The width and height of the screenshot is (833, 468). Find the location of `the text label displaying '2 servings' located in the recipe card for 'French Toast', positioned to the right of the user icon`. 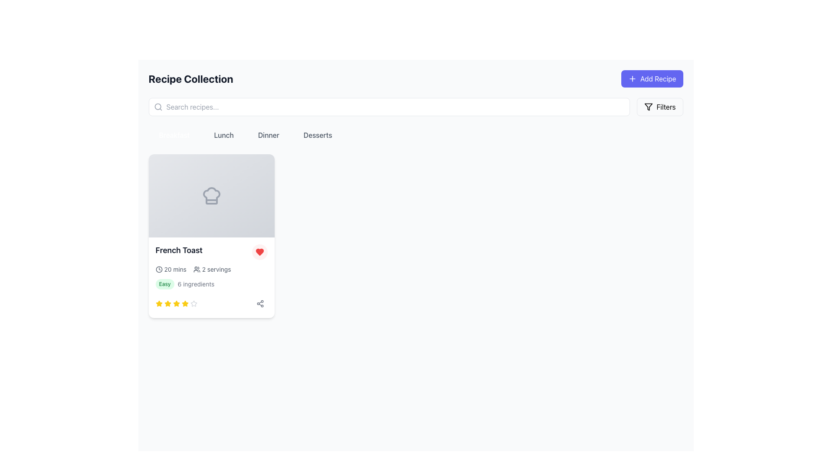

the text label displaying '2 servings' located in the recipe card for 'French Toast', positioned to the right of the user icon is located at coordinates (216, 269).